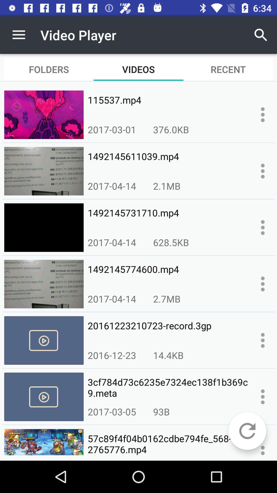  What do you see at coordinates (263, 283) in the screenshot?
I see `menu button` at bounding box center [263, 283].